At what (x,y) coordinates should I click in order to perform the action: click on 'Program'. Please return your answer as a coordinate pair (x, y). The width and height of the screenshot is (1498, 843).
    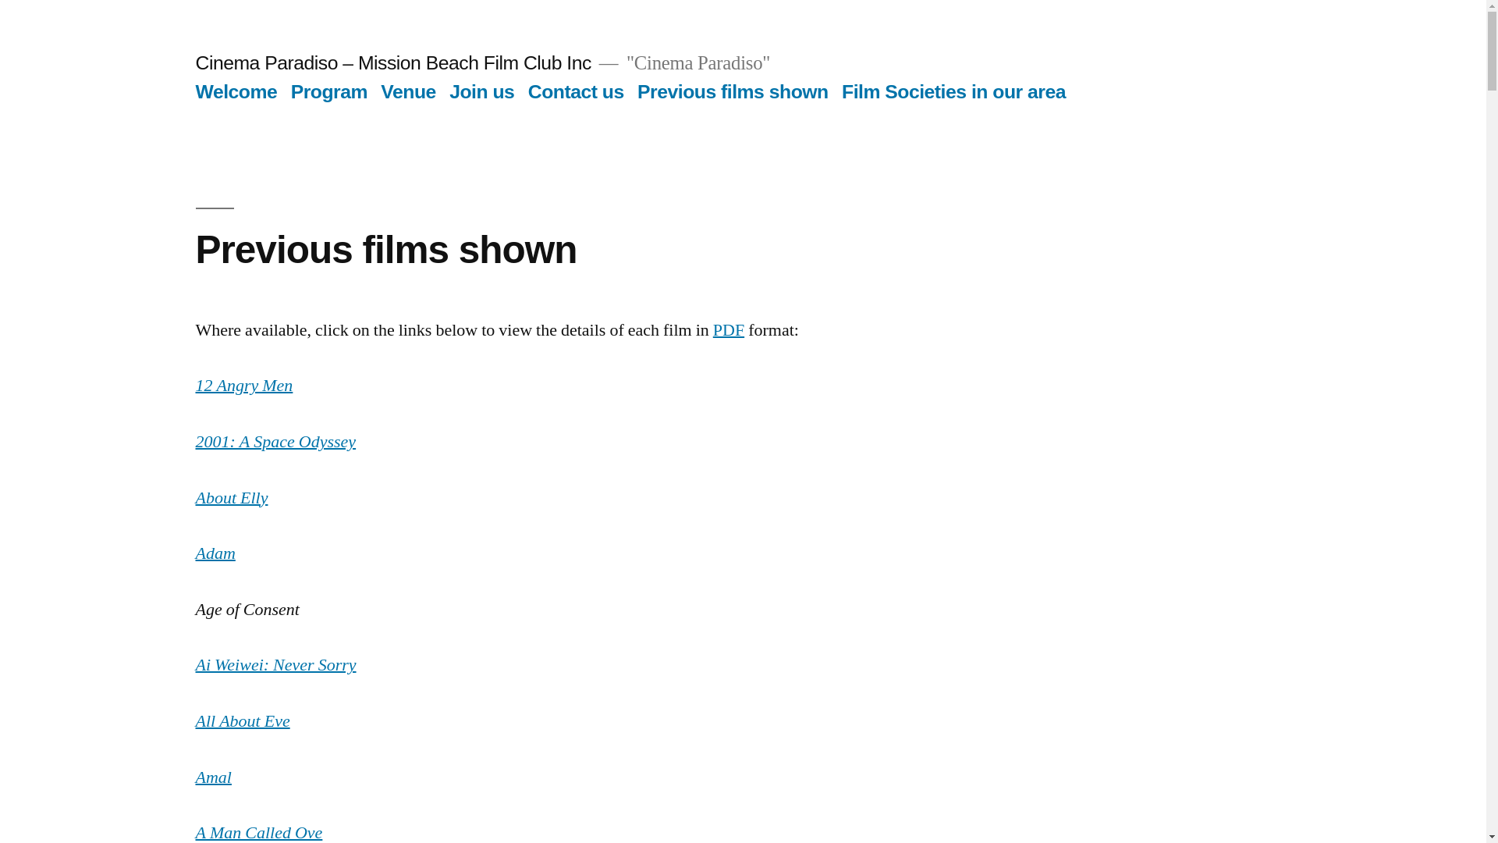
    Looking at the image, I should click on (328, 91).